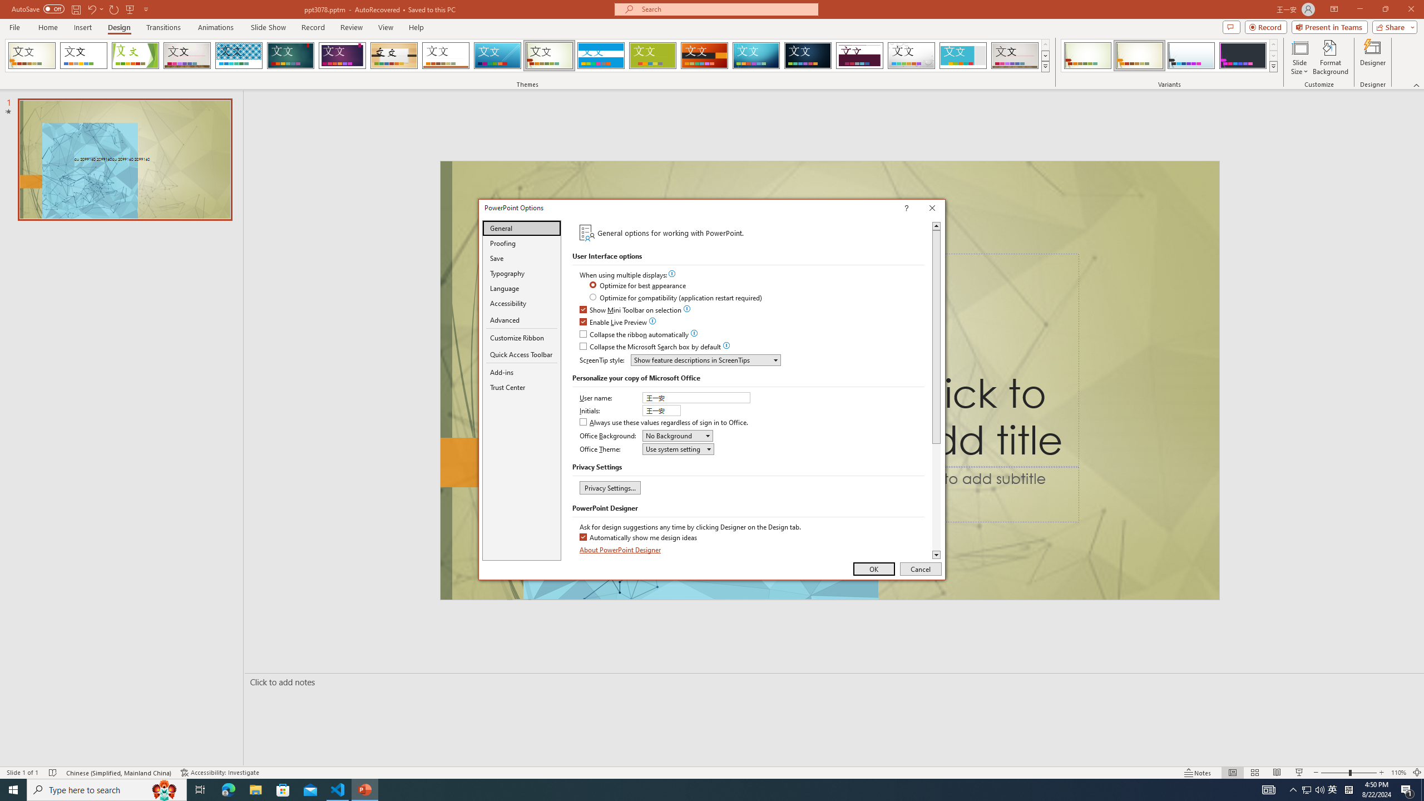 The image size is (1424, 801). Describe the element at coordinates (1015, 55) in the screenshot. I see `'Gallery Loading Preview...'` at that location.